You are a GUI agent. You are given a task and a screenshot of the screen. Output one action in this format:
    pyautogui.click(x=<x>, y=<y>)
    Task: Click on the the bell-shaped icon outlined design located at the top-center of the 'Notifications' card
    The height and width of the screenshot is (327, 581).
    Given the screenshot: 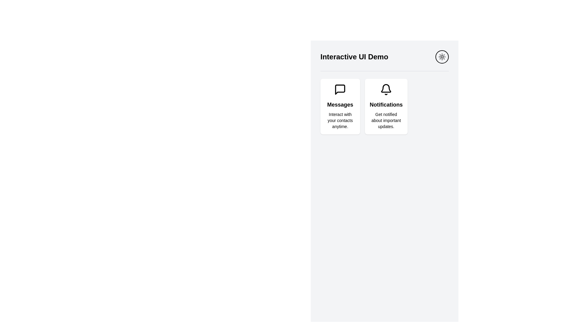 What is the action you would take?
    pyautogui.click(x=386, y=90)
    